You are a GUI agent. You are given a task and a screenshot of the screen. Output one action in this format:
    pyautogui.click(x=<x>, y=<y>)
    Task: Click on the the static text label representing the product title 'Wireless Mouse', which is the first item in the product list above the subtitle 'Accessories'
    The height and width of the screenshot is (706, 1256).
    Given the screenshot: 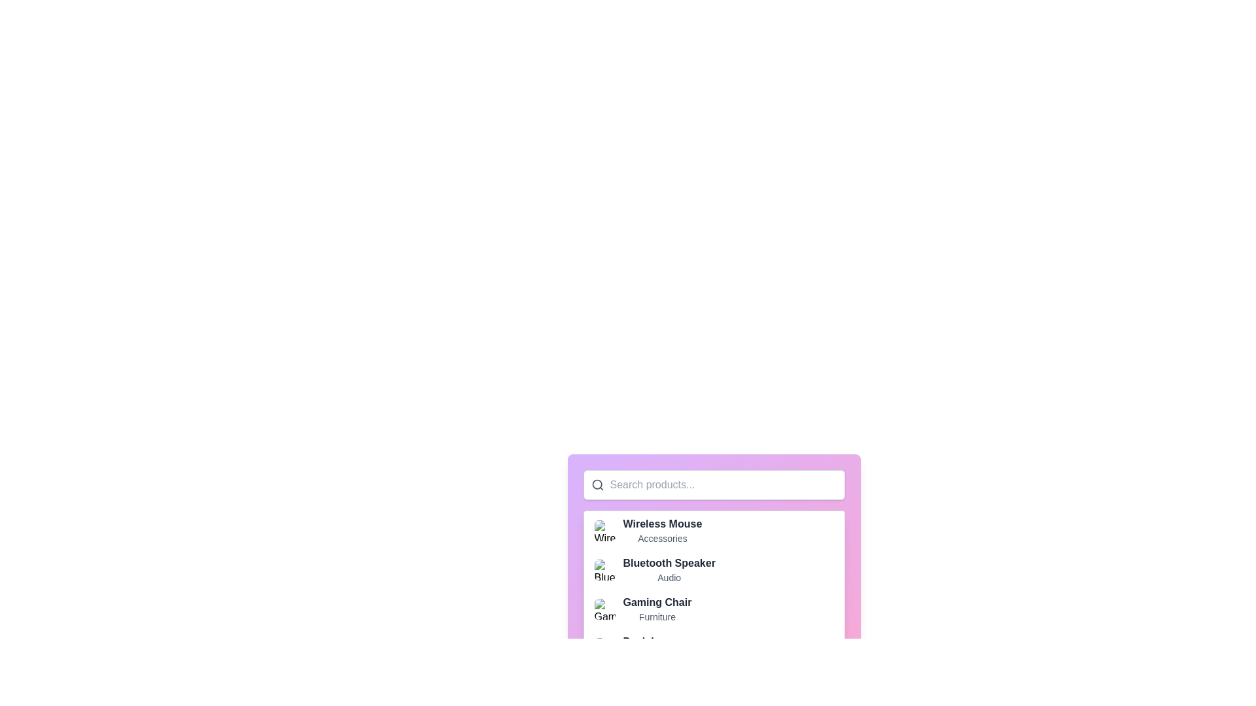 What is the action you would take?
    pyautogui.click(x=662, y=524)
    